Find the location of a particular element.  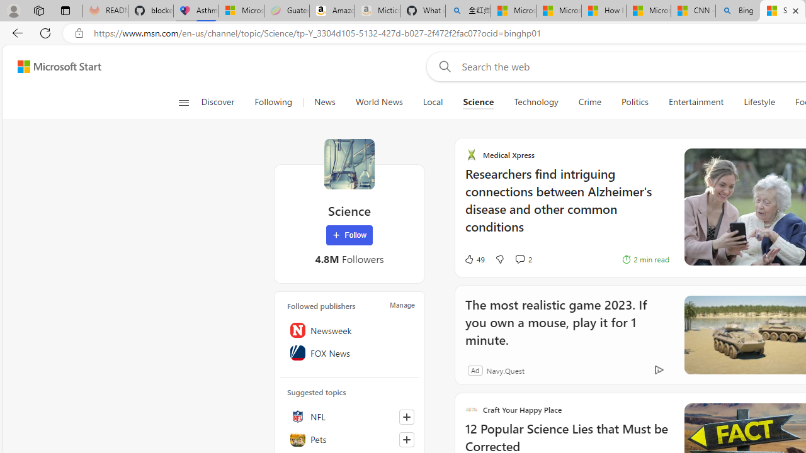

'News' is located at coordinates (324, 102).